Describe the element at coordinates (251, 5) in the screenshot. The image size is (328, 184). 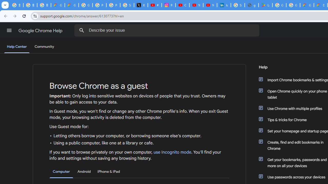
I see `'google_privacy_policy_en.pdf'` at that location.